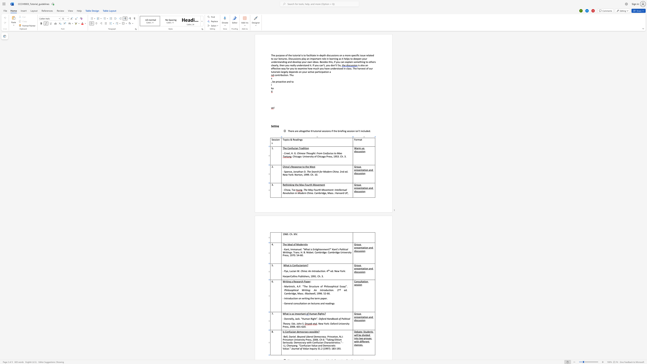 This screenshot has width=647, height=364. What do you see at coordinates (333, 342) in the screenshot?
I see `the 3th character "e" in the text` at bounding box center [333, 342].